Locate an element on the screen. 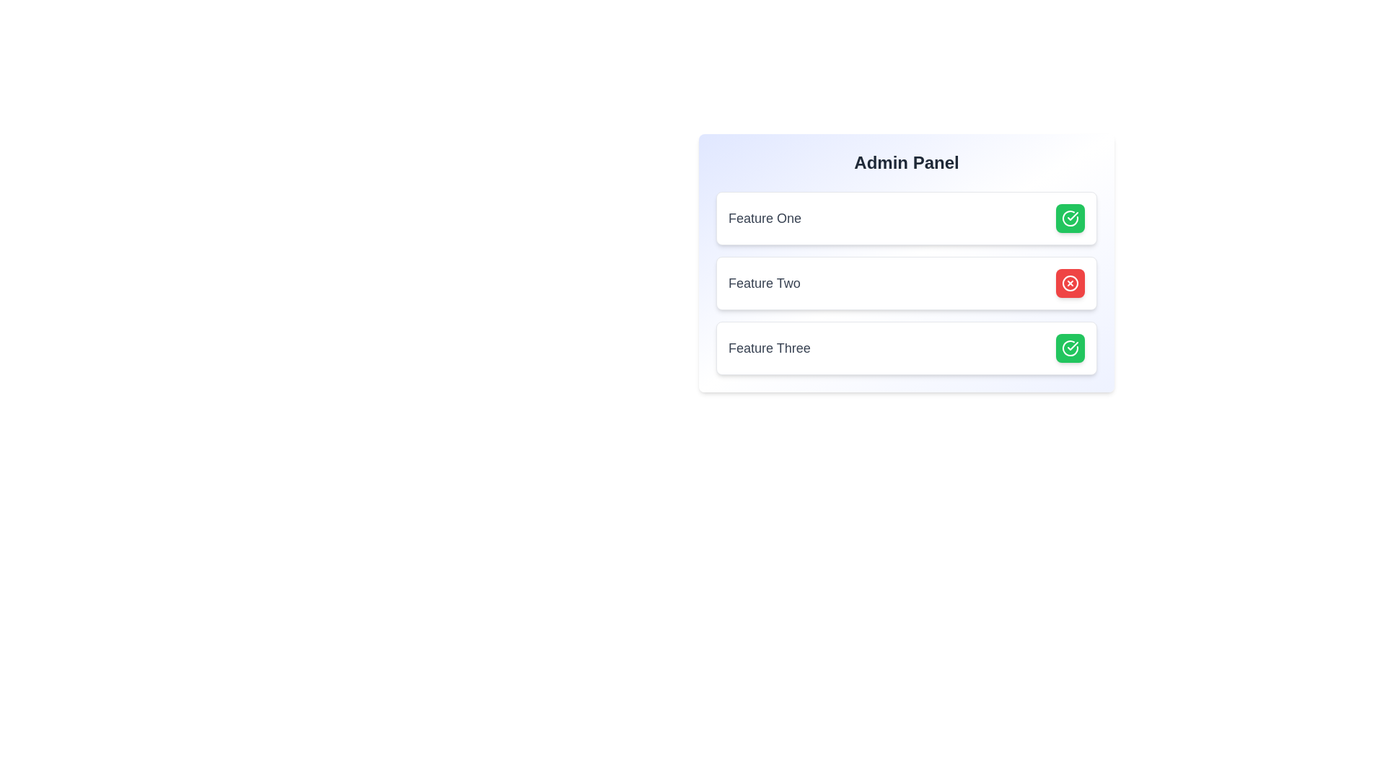 The height and width of the screenshot is (779, 1385). the icon for Feature One is located at coordinates (1070, 219).